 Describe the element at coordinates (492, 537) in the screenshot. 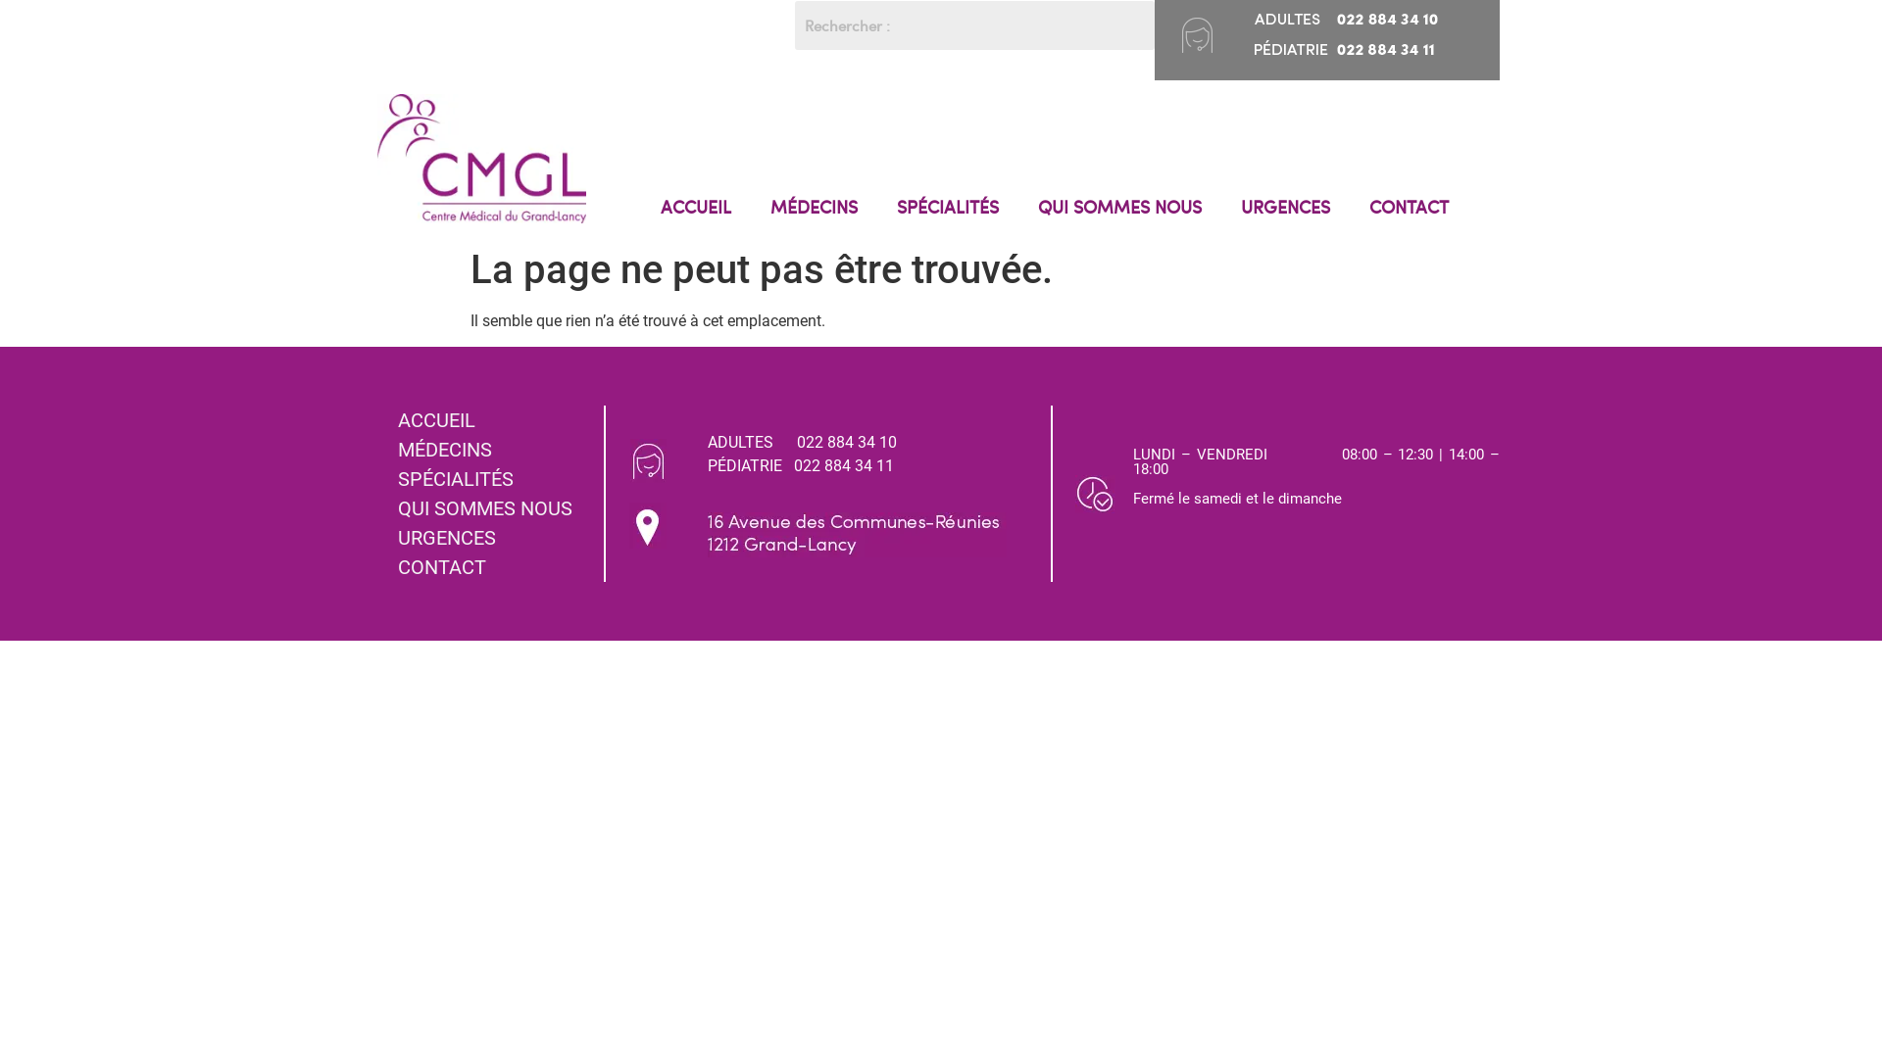

I see `'URGENCES'` at that location.